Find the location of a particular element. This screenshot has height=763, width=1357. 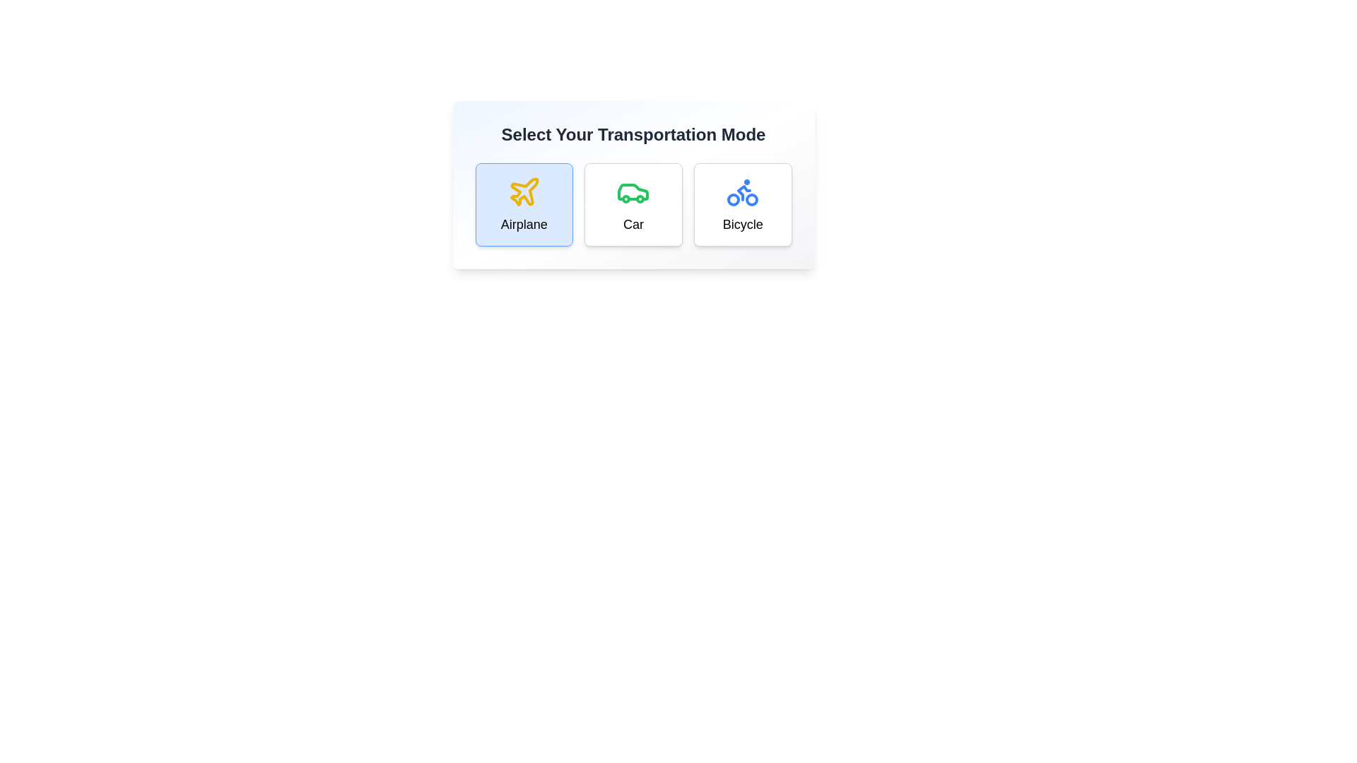

text label for the 'Airplane' selection option, which is positioned below the airplane icon in the transportation mode selection interface is located at coordinates (523, 223).